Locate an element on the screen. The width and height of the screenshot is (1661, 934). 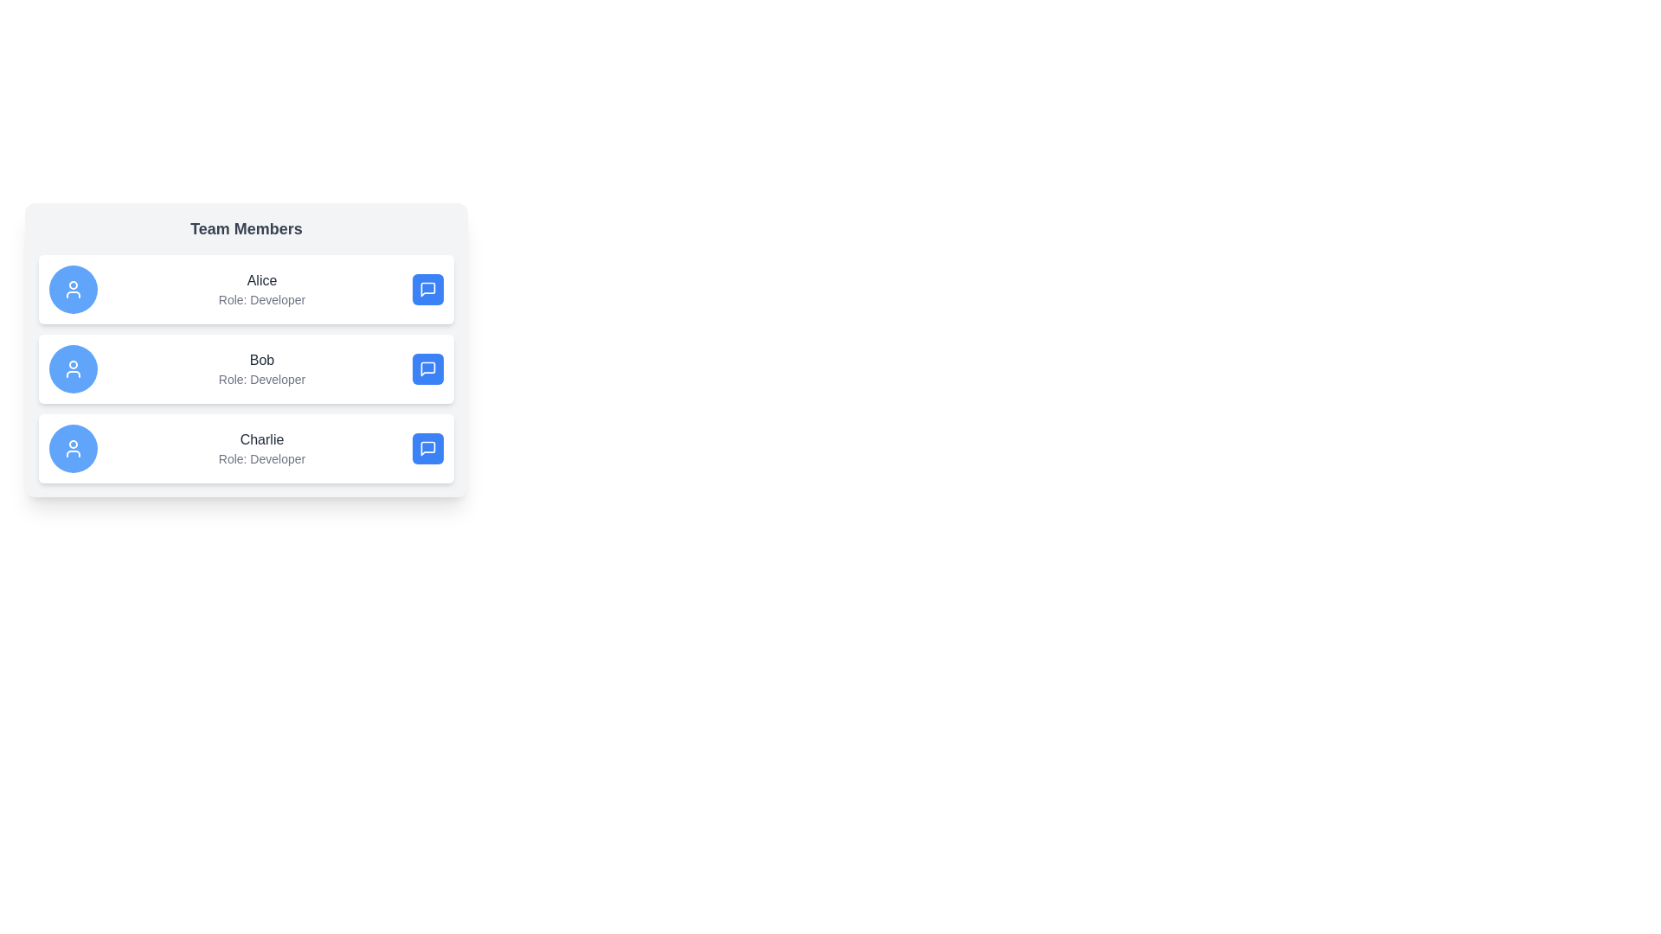
the button located at the top-right of 'Alice's entry in the 'Team Members' list to observe any visual hover effects is located at coordinates (427, 289).